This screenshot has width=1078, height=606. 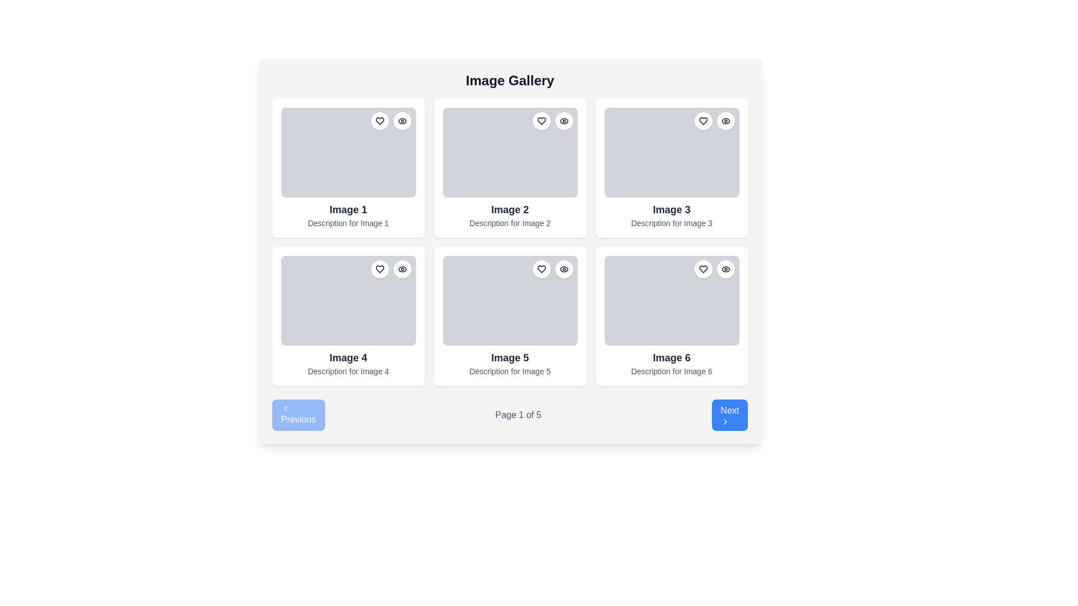 I want to click on text label that reads 'Description for Image 5', which is located directly under the title 'Image 5' in the card representation, so click(x=509, y=371).